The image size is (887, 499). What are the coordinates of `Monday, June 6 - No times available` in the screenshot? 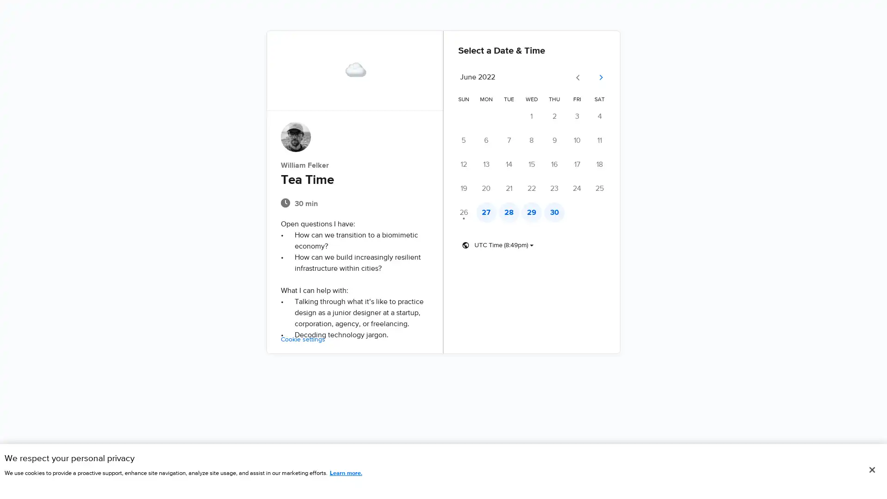 It's located at (487, 140).